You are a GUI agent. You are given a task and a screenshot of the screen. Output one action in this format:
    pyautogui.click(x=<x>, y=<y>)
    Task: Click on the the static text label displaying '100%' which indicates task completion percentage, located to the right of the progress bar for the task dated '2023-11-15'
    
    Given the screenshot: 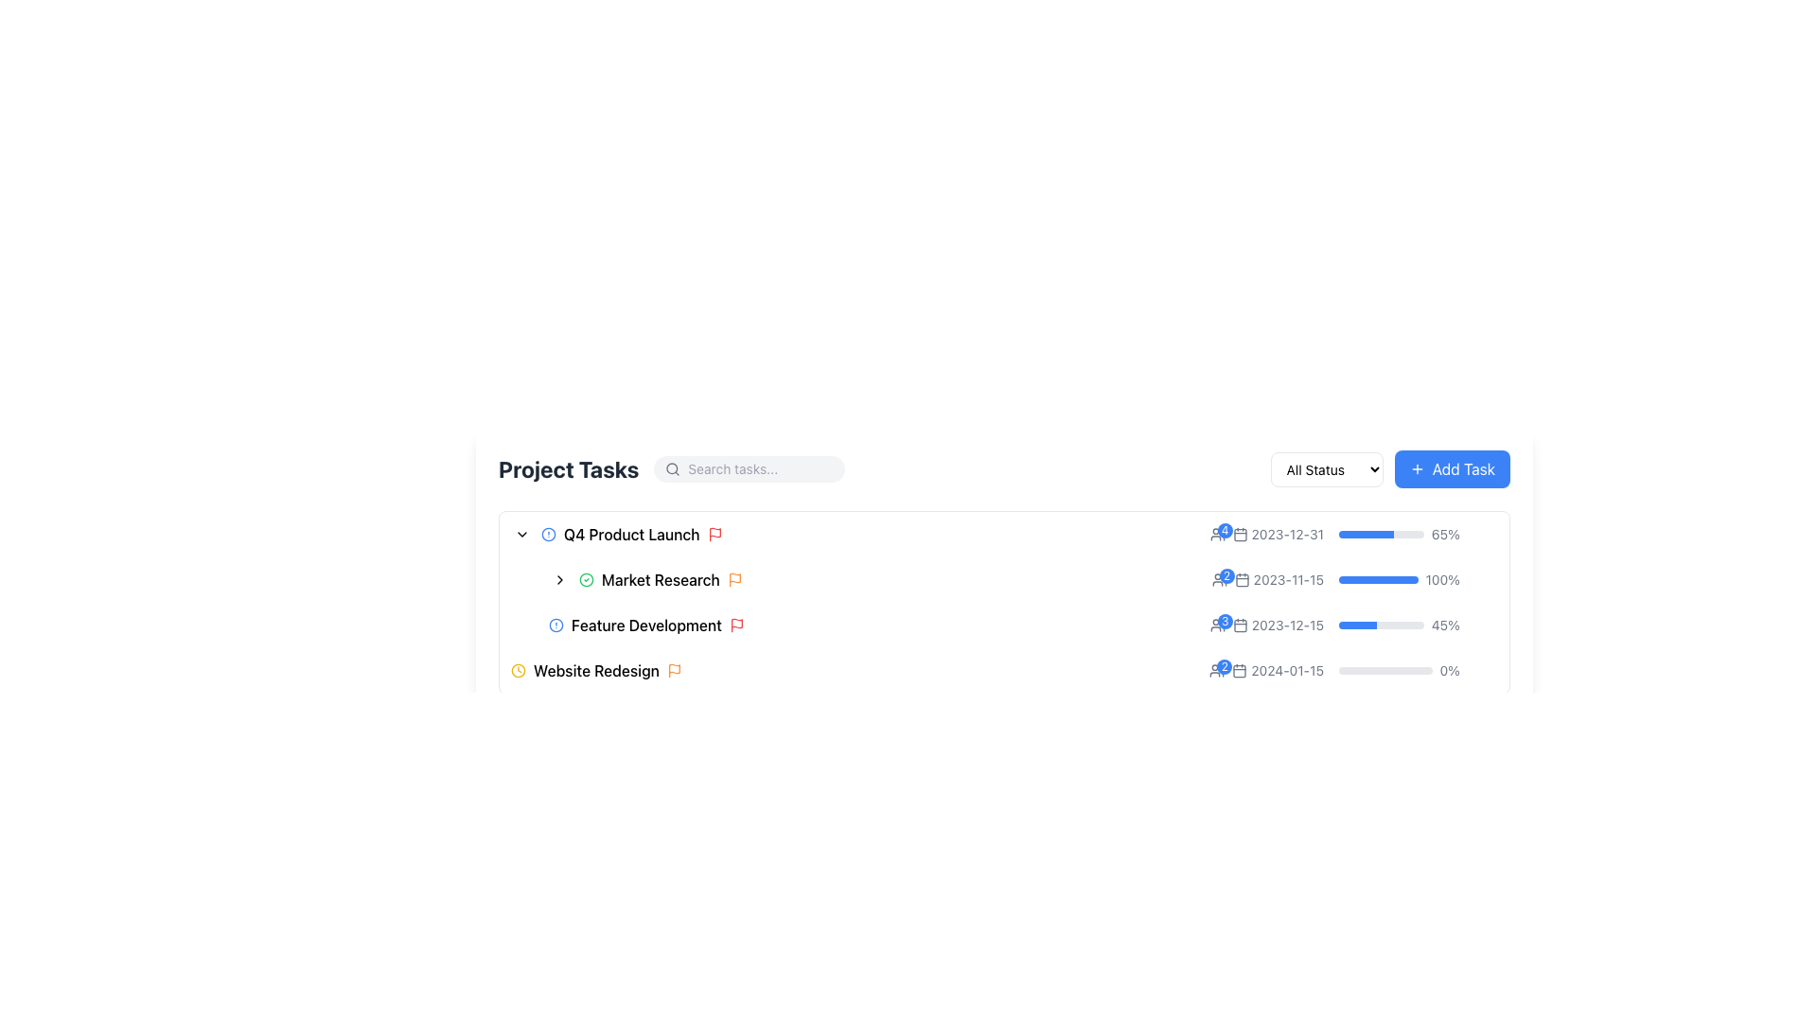 What is the action you would take?
    pyautogui.click(x=1441, y=579)
    